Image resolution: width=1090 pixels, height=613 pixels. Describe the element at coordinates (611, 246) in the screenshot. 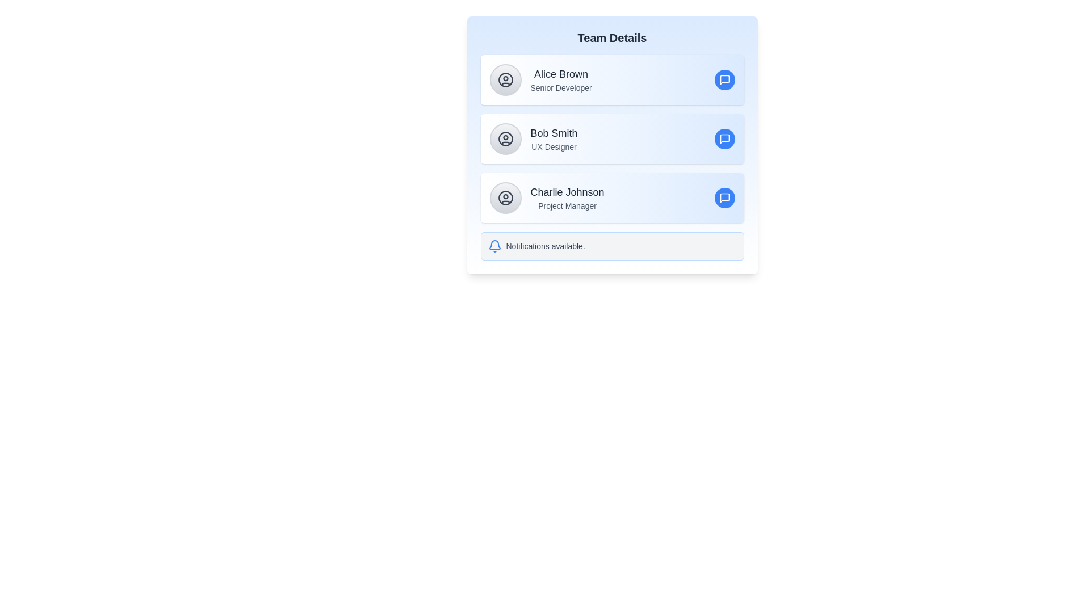

I see `the static informational notification box located at the bottom of the 'Team Details' section, which displays notifications for the user` at that location.